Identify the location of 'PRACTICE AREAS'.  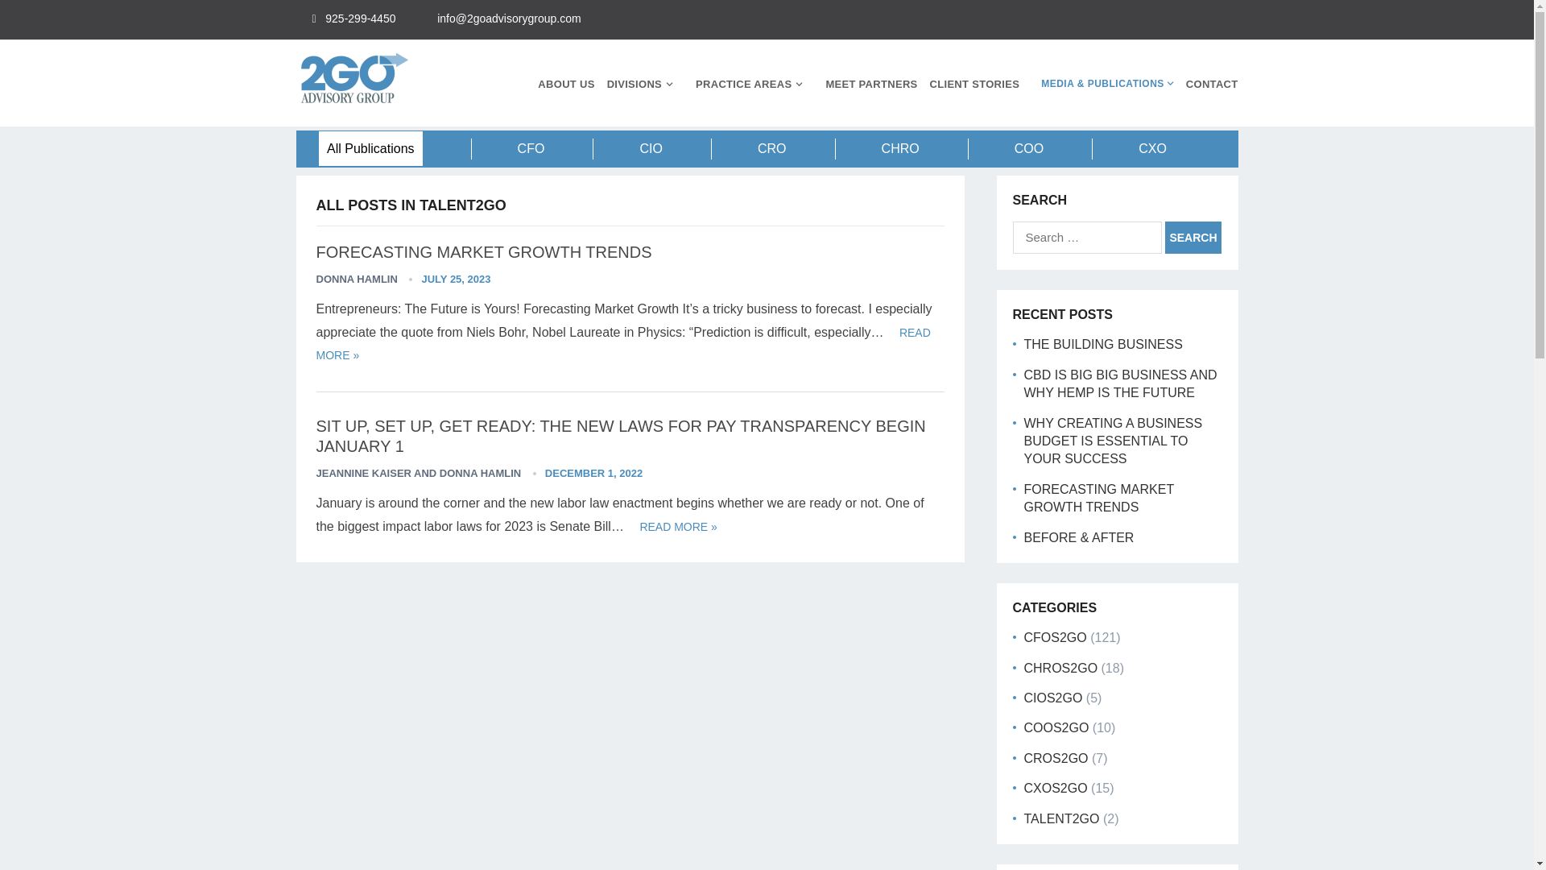
(696, 84).